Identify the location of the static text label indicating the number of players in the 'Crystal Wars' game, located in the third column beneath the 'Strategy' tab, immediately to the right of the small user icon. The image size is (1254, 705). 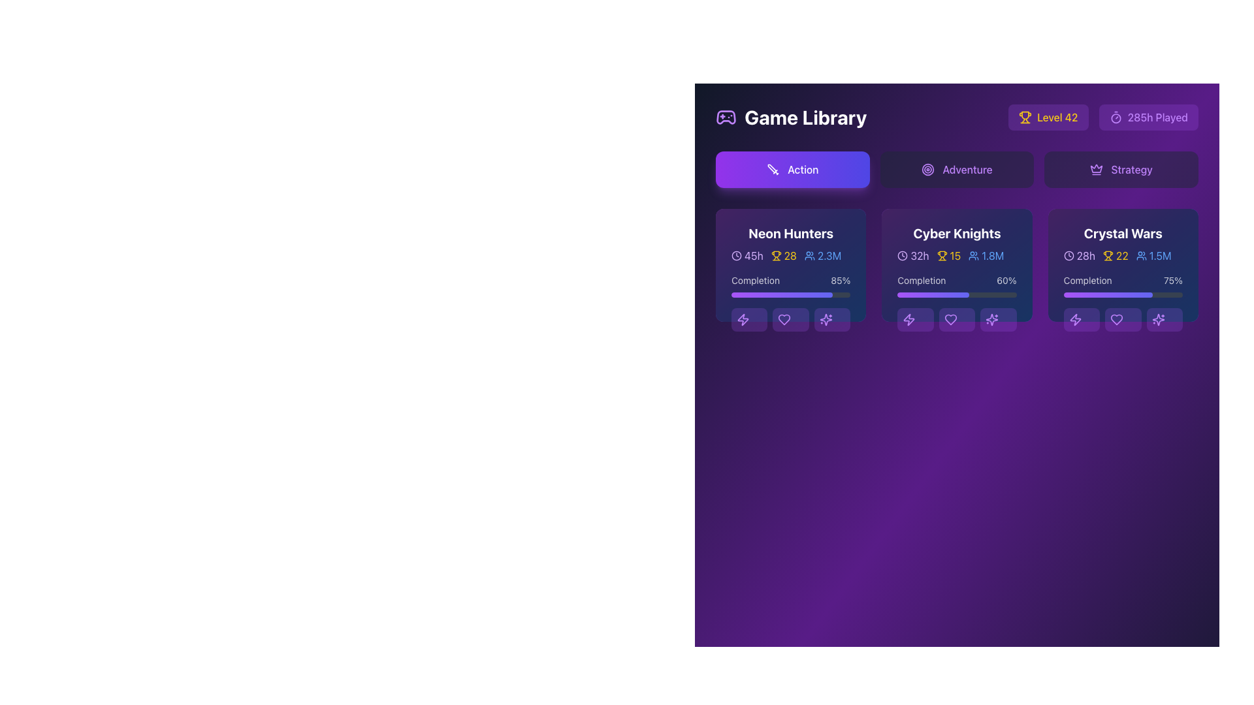
(1160, 256).